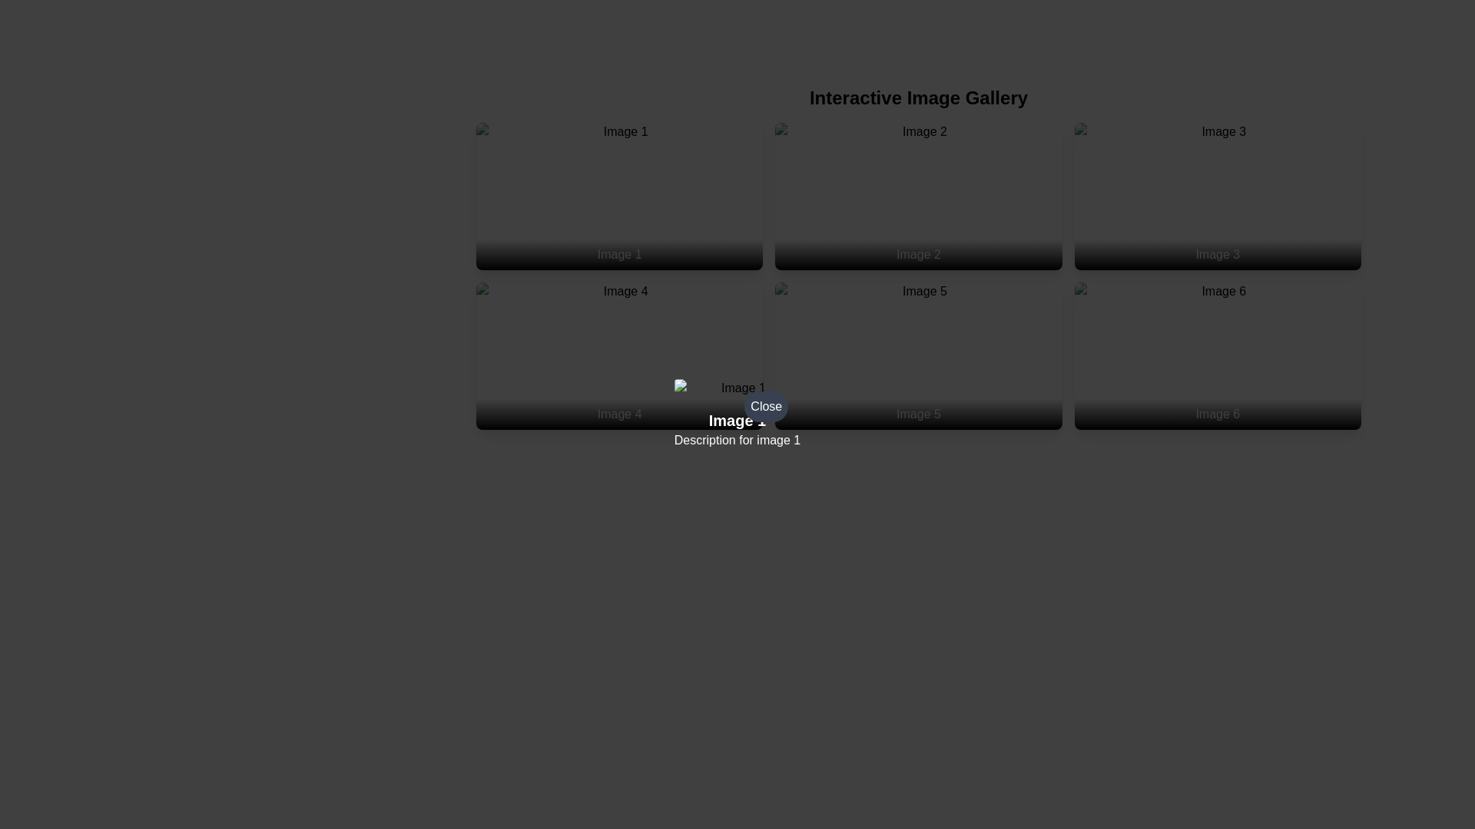 Image resolution: width=1475 pixels, height=829 pixels. I want to click on the close button located in the top-right corner of the modal to hide the modal that displays detailed information about an image, so click(737, 414).